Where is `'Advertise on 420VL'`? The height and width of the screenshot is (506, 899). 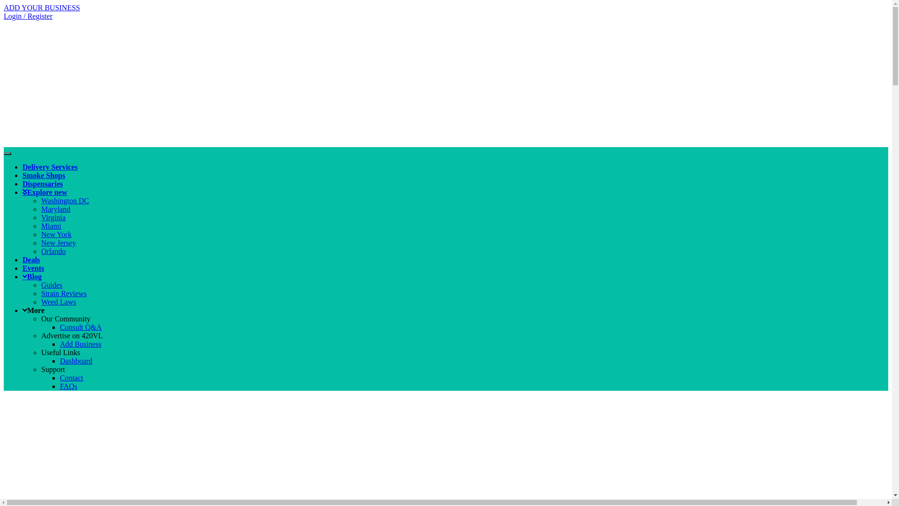
'Advertise on 420VL' is located at coordinates (71, 335).